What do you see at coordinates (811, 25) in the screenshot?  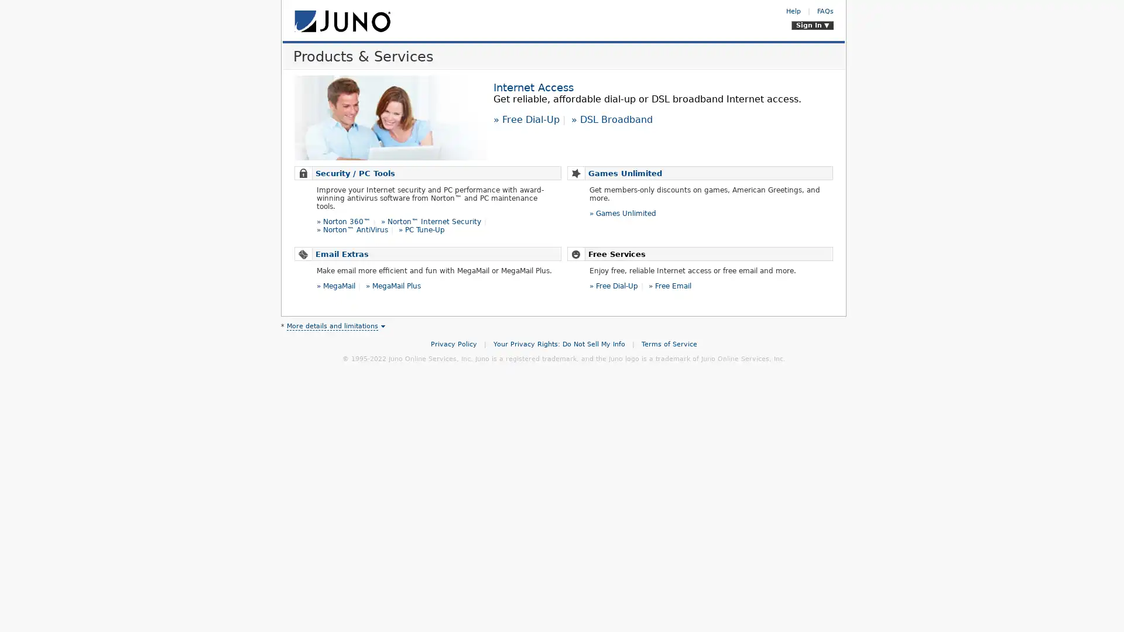 I see `Sign In` at bounding box center [811, 25].